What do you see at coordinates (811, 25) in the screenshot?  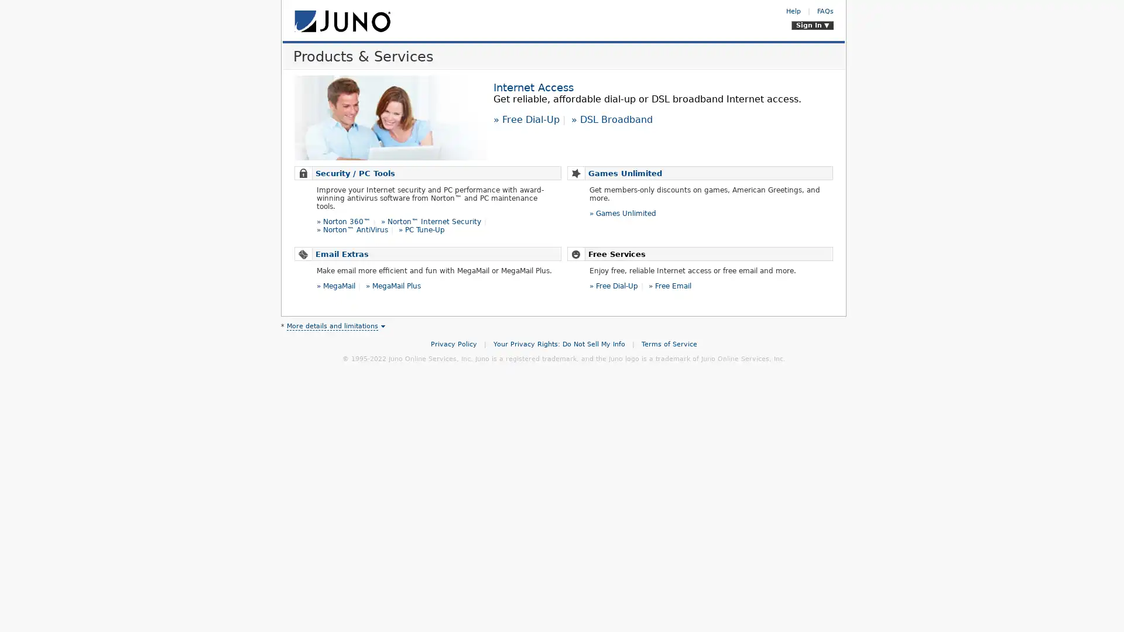 I see `Sign In` at bounding box center [811, 25].